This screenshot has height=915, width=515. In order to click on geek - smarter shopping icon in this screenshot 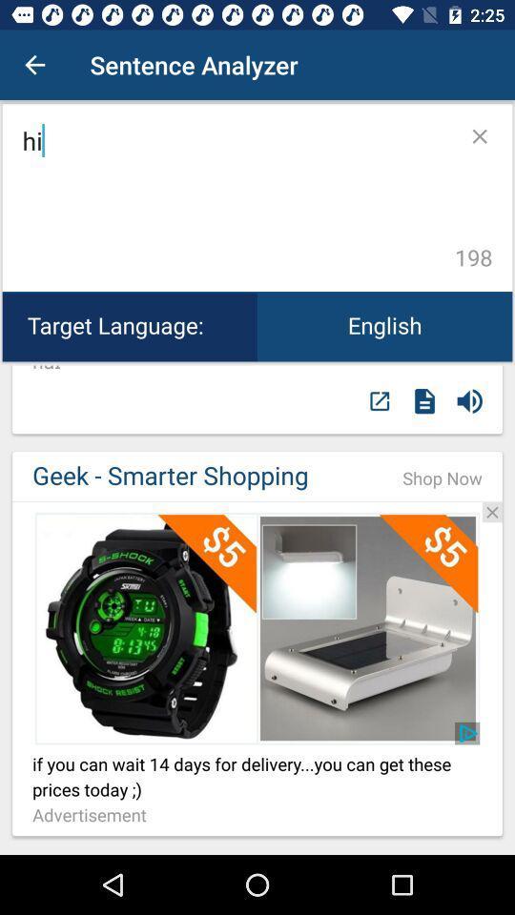, I will do `click(196, 475)`.